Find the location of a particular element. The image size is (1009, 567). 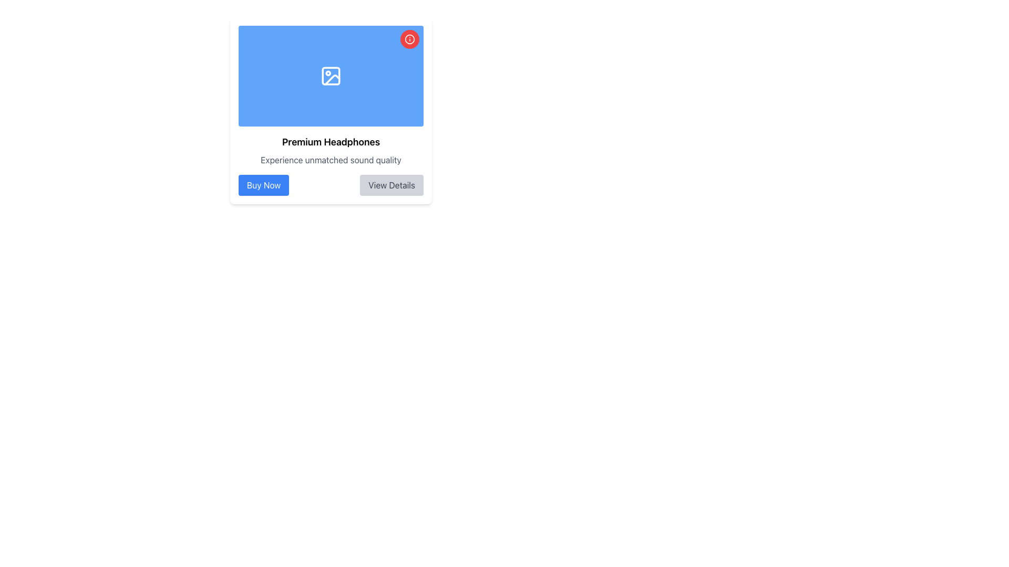

the text block that introduces and describes the premium headphones is located at coordinates (330, 150).